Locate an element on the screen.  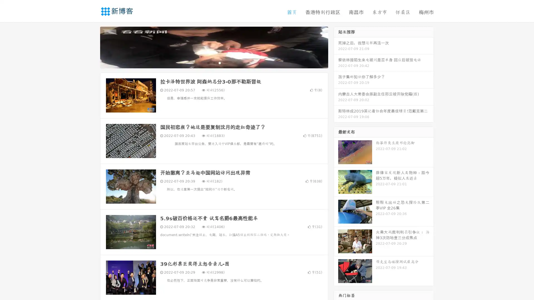
Go to slide 3 is located at coordinates (219, 62).